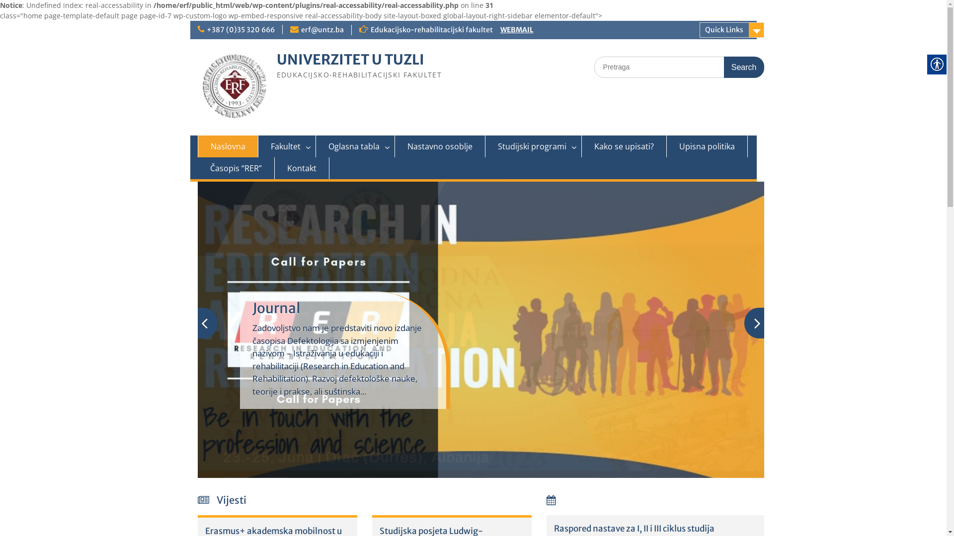  Describe the element at coordinates (300, 29) in the screenshot. I see `'erf@untz.ba'` at that location.